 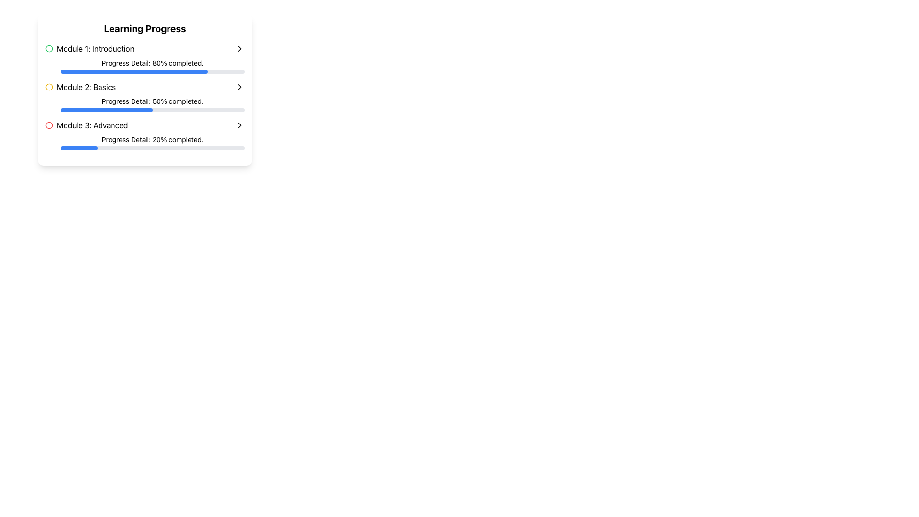 What do you see at coordinates (134, 71) in the screenshot?
I see `the horizontal progress bar indicating 80% progress located in the 'Module 1: Introduction' section under 'Learning Progress'` at bounding box center [134, 71].